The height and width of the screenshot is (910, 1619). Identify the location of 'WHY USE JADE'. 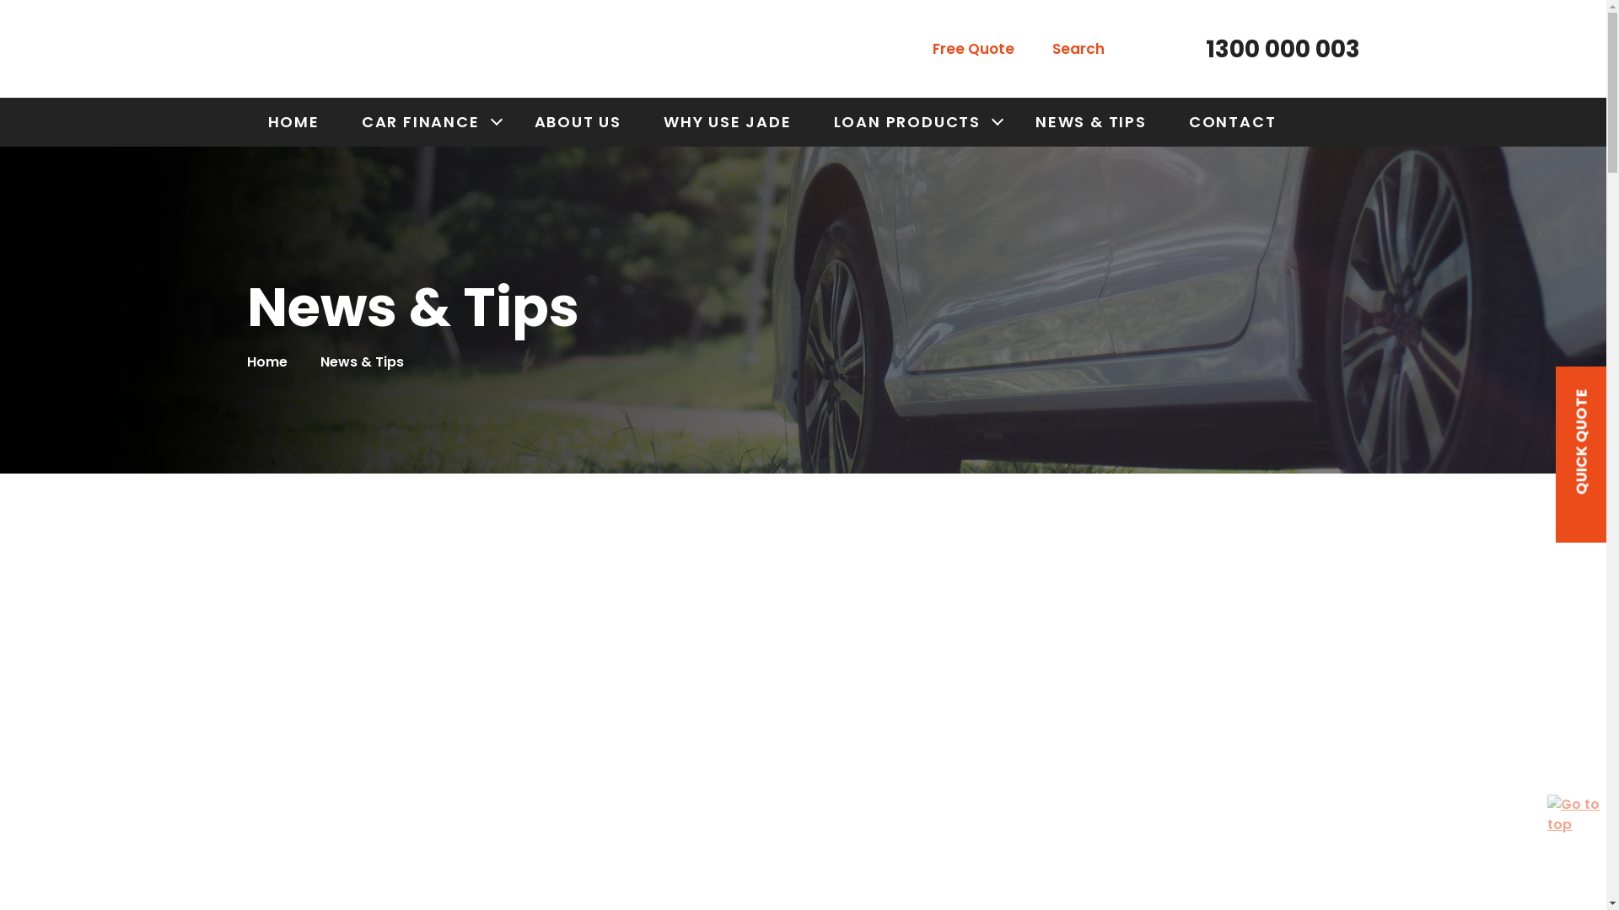
(728, 121).